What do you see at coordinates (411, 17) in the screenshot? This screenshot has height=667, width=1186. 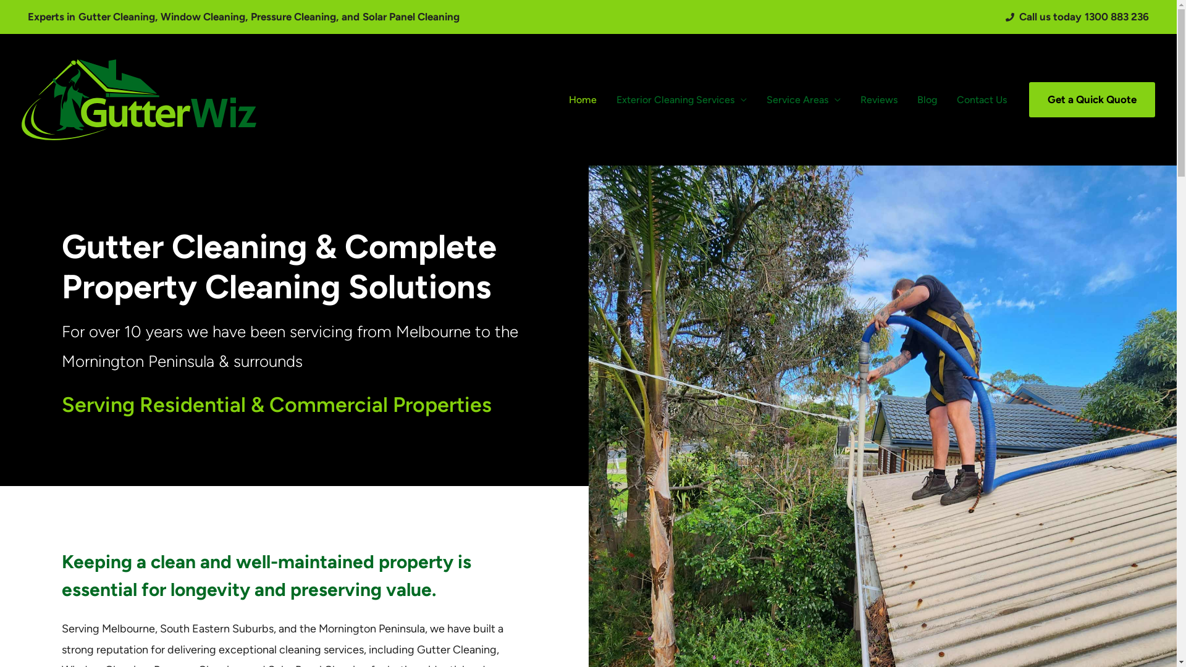 I see `'Solar Panel Cleaning'` at bounding box center [411, 17].